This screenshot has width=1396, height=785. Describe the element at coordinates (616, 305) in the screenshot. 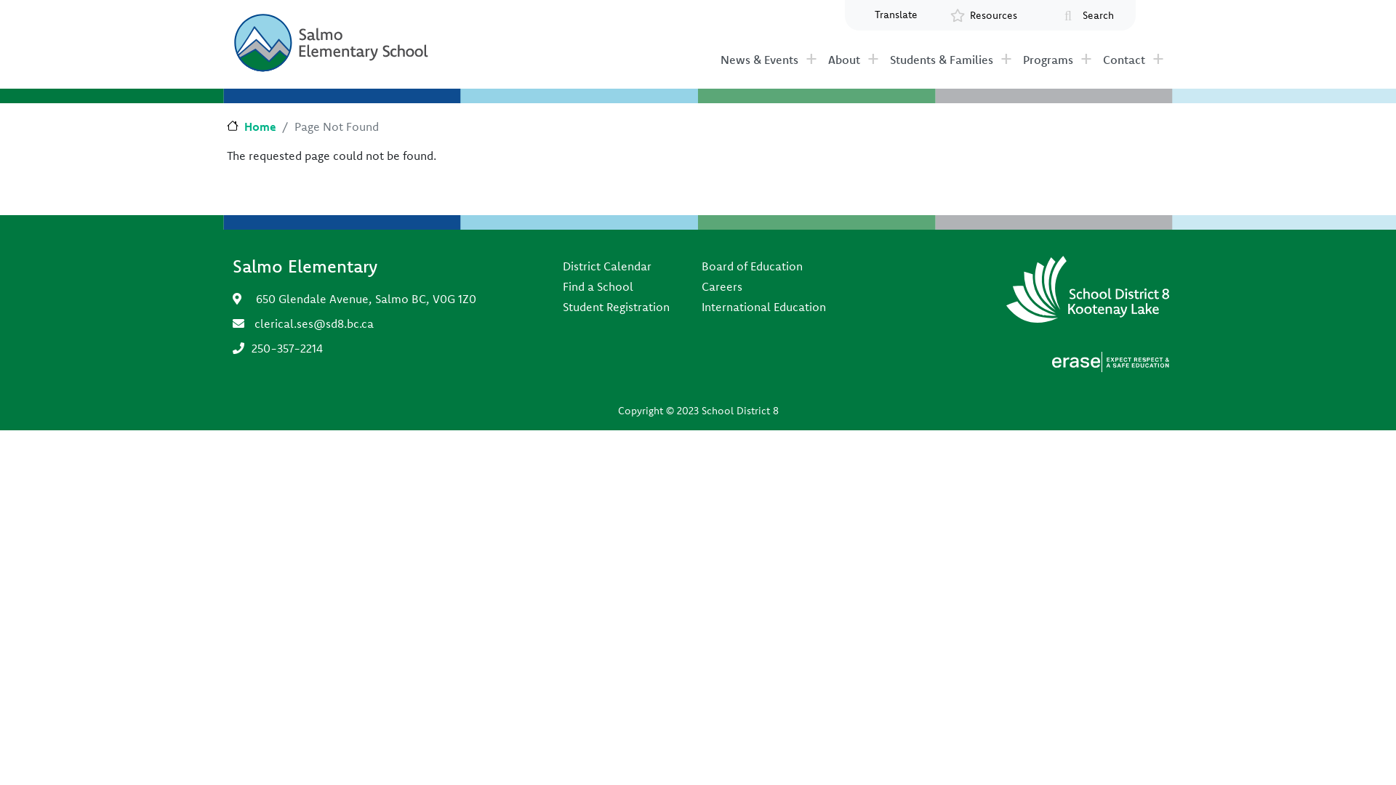

I see `'Student Registration'` at that location.